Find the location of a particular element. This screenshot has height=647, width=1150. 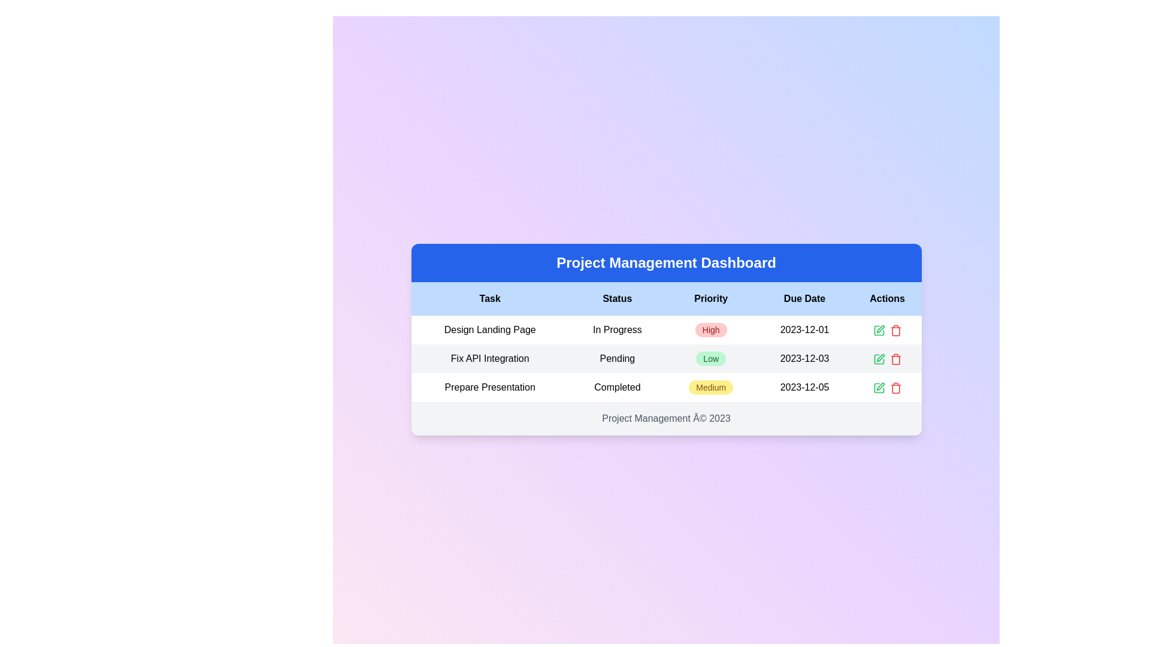

the text label that says 'Fix API Integration', which is located in the second row of the data table under the 'Task' column, to the left of the 'Pending' status is located at coordinates (490, 358).